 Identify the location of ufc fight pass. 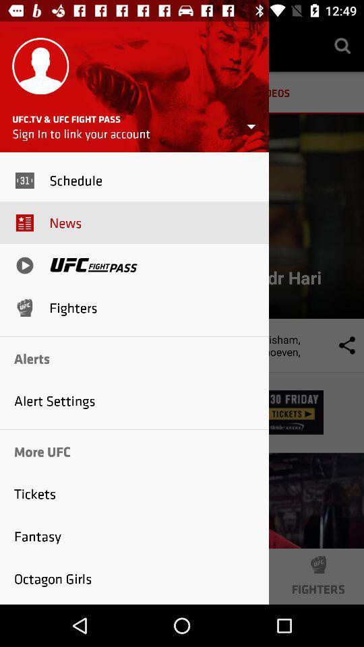
(93, 264).